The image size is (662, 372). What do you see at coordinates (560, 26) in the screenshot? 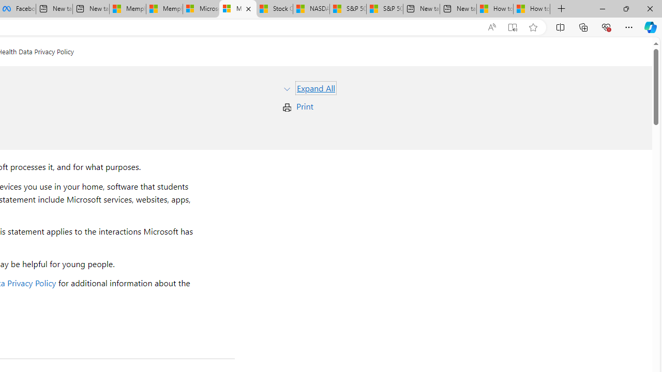
I see `'Split screen'` at bounding box center [560, 26].